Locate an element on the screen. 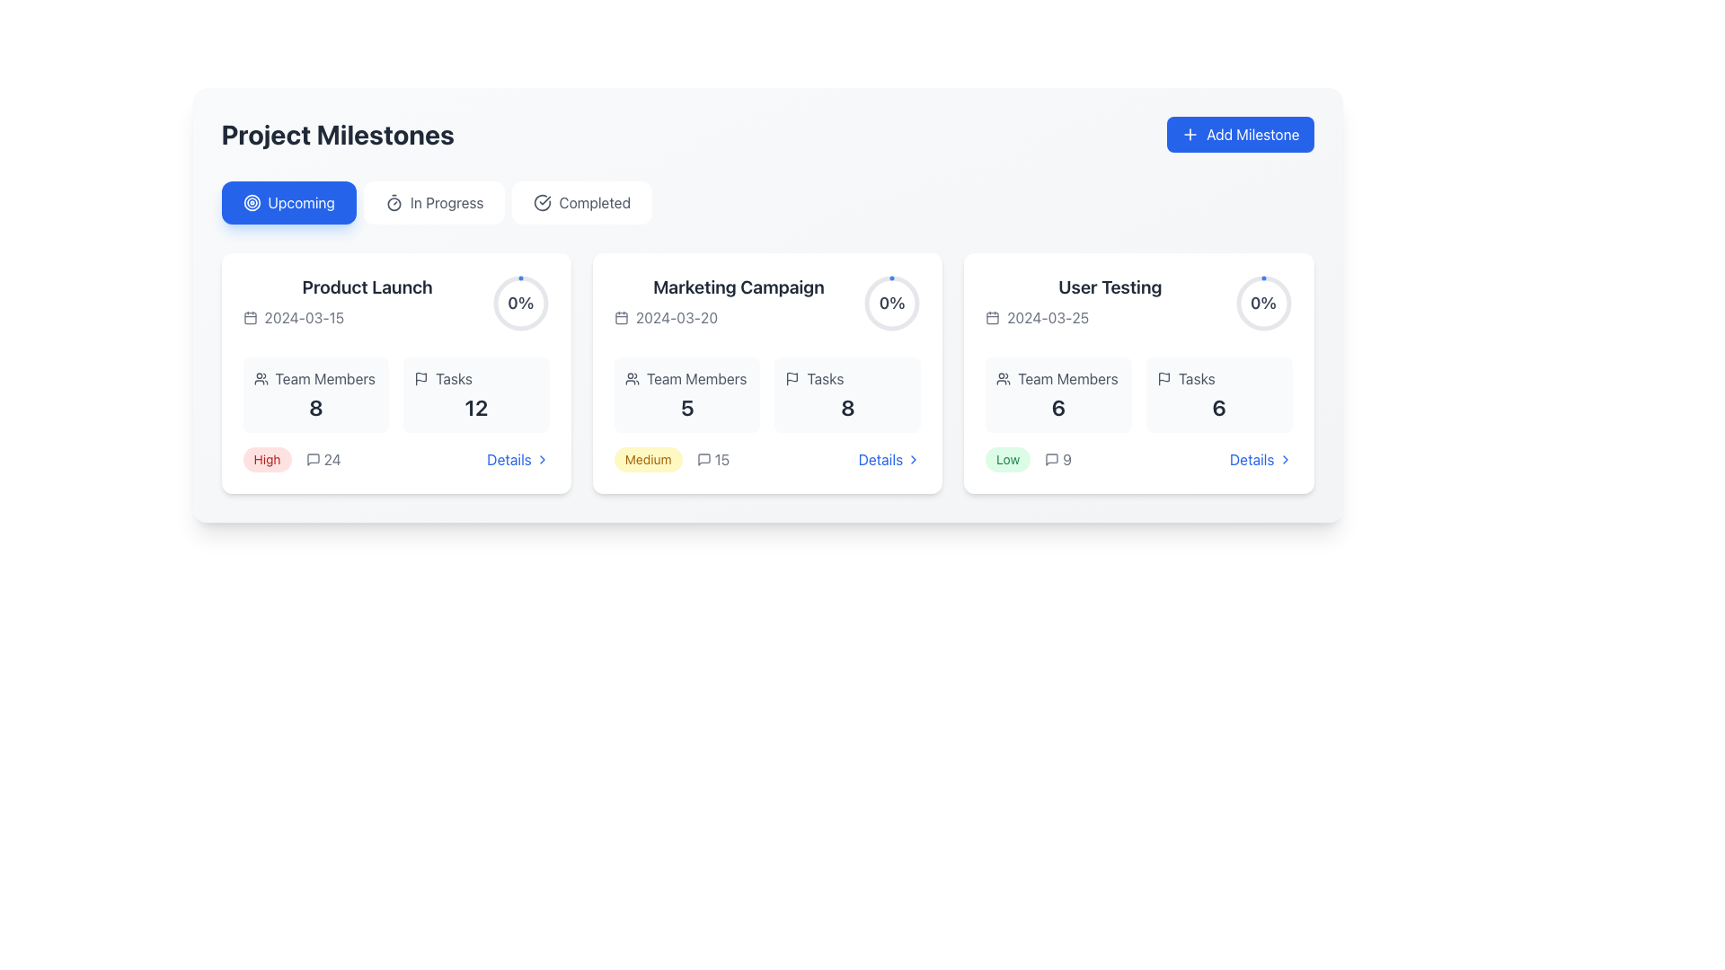 The image size is (1725, 970). the middle-sized SVG circle of the target icon located within the blue button labeled 'Upcoming' at the top left of the interface is located at coordinates (251, 202).